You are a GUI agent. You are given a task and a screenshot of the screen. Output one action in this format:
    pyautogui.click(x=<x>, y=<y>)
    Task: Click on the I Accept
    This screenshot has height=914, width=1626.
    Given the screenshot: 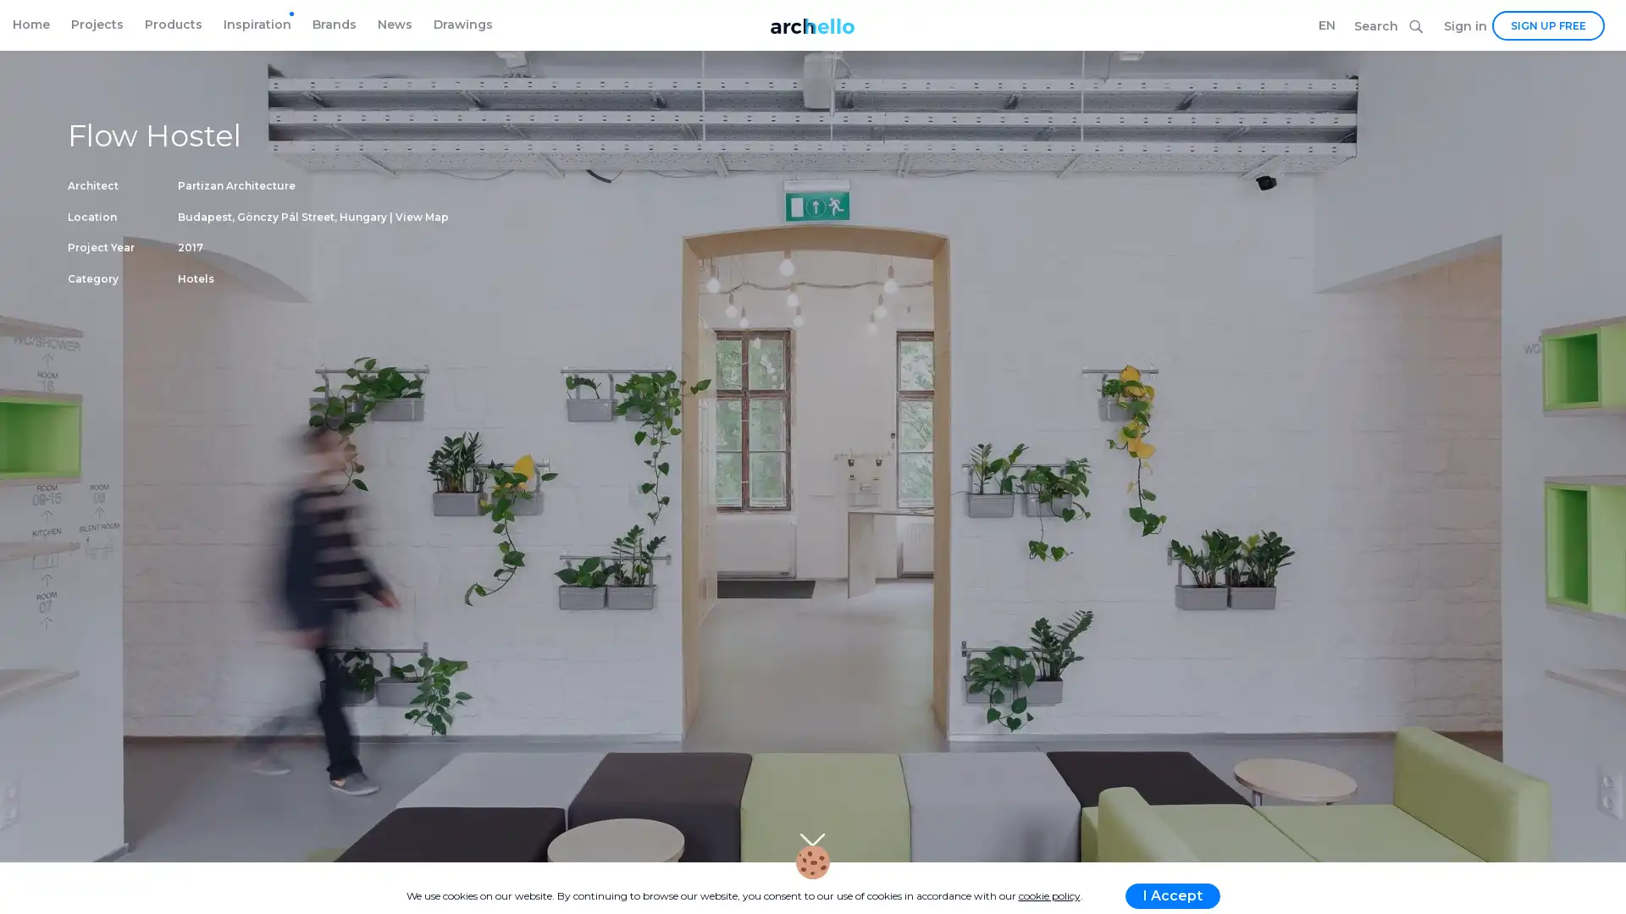 What is the action you would take?
    pyautogui.click(x=1170, y=895)
    